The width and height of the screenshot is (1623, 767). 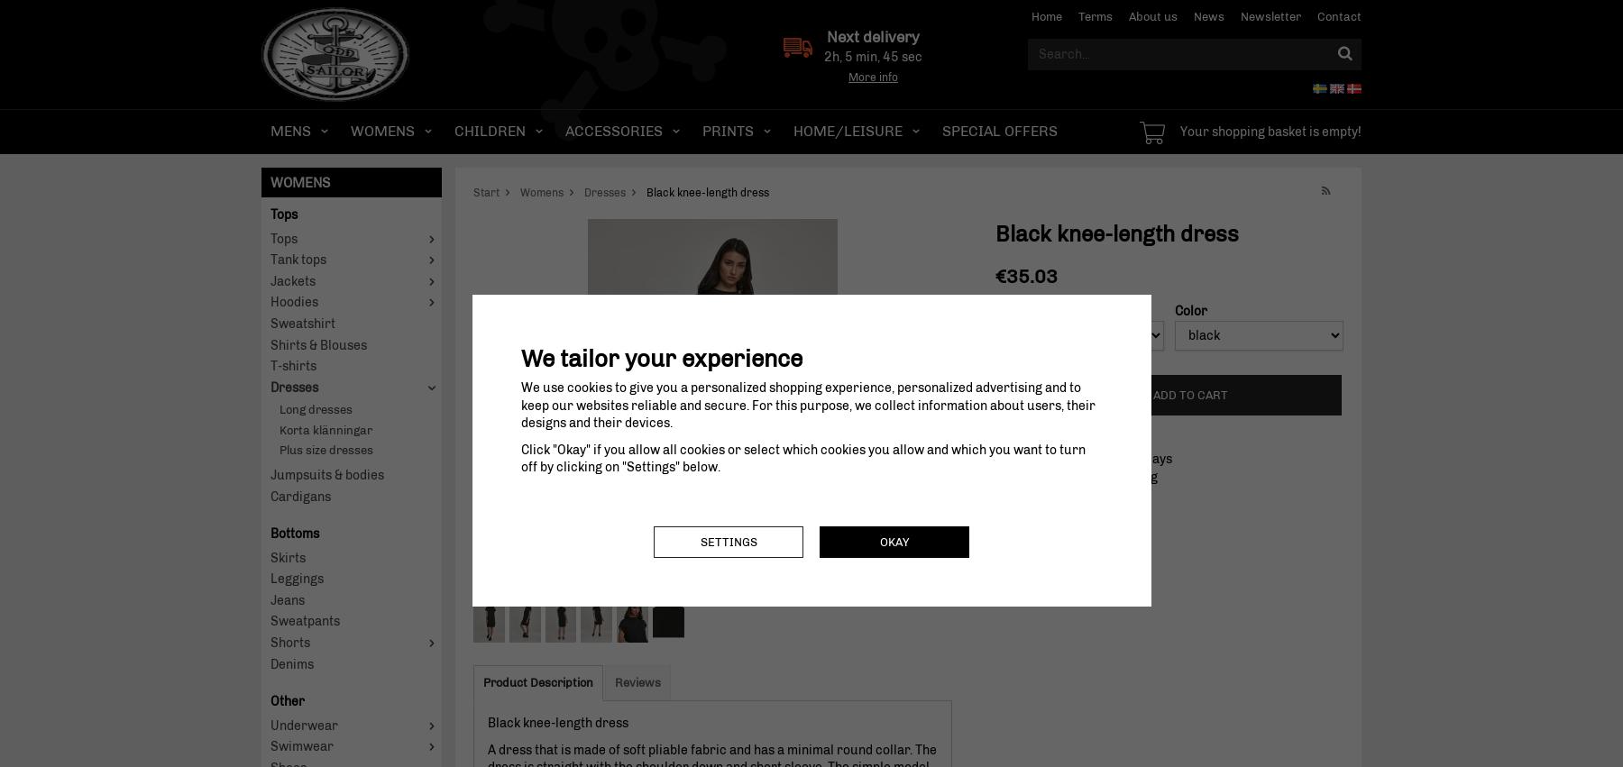 I want to click on 'Sweatpants', so click(x=305, y=621).